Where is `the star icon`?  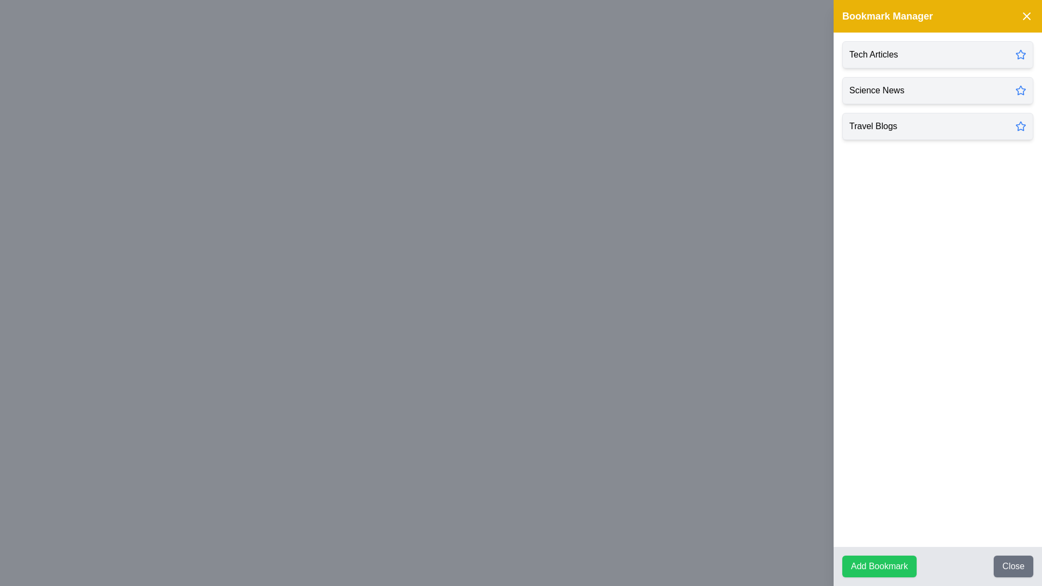
the star icon is located at coordinates (1020, 54).